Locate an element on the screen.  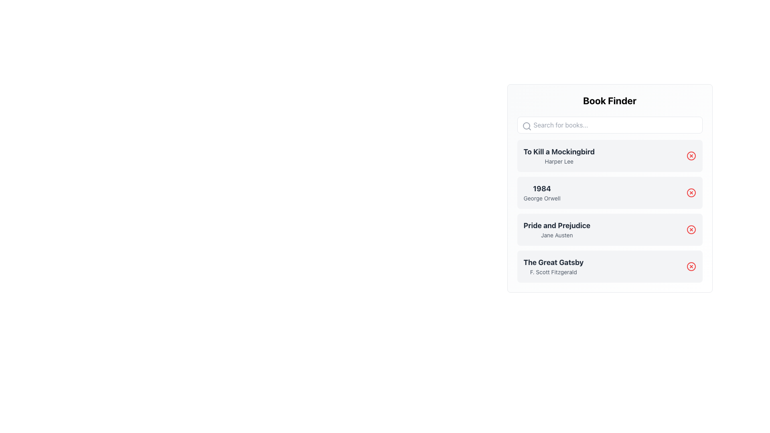
information displayed for the text element identifying 'Pride and Prejudice' by 'Jane Austen' in the book selection interface, located in the third entry of the vertical list is located at coordinates (556, 230).